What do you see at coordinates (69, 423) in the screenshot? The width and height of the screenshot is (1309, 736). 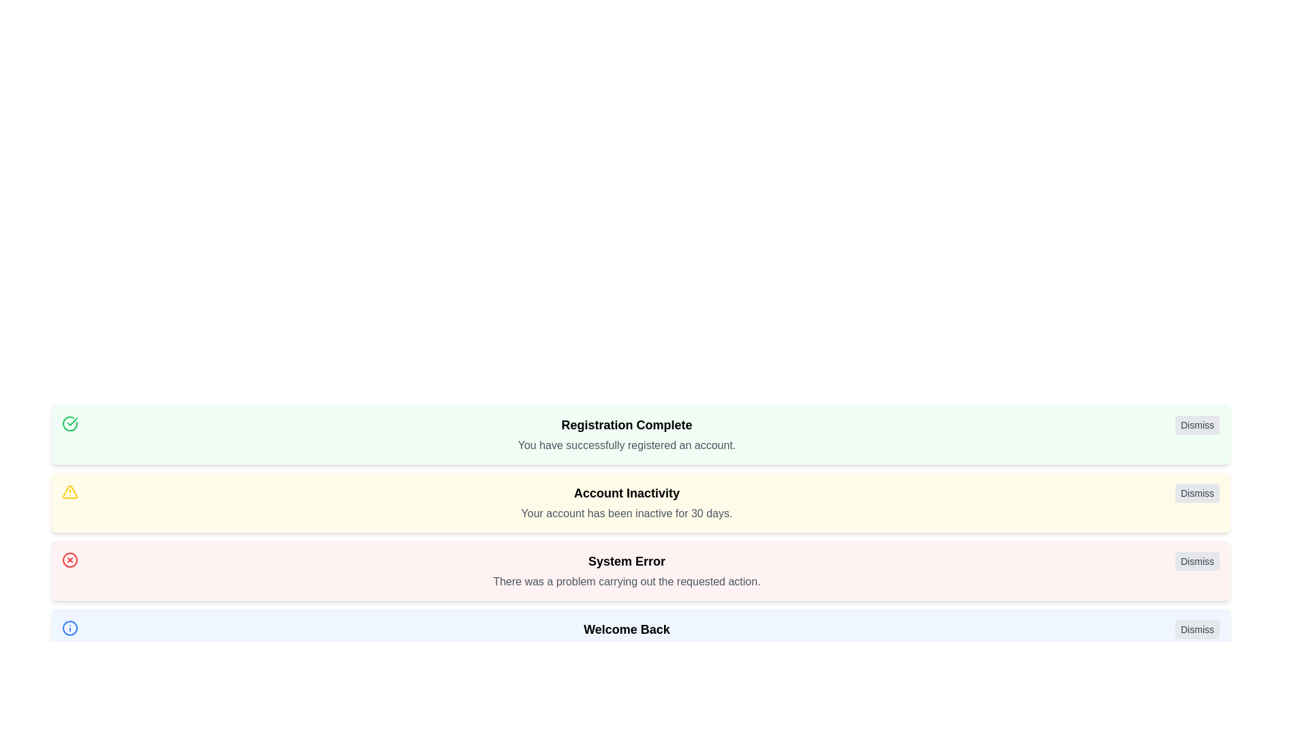 I see `the circular icon with a checkmark inside, styled with a green outline, located in the notification box titled 'Registration Complete'` at bounding box center [69, 423].